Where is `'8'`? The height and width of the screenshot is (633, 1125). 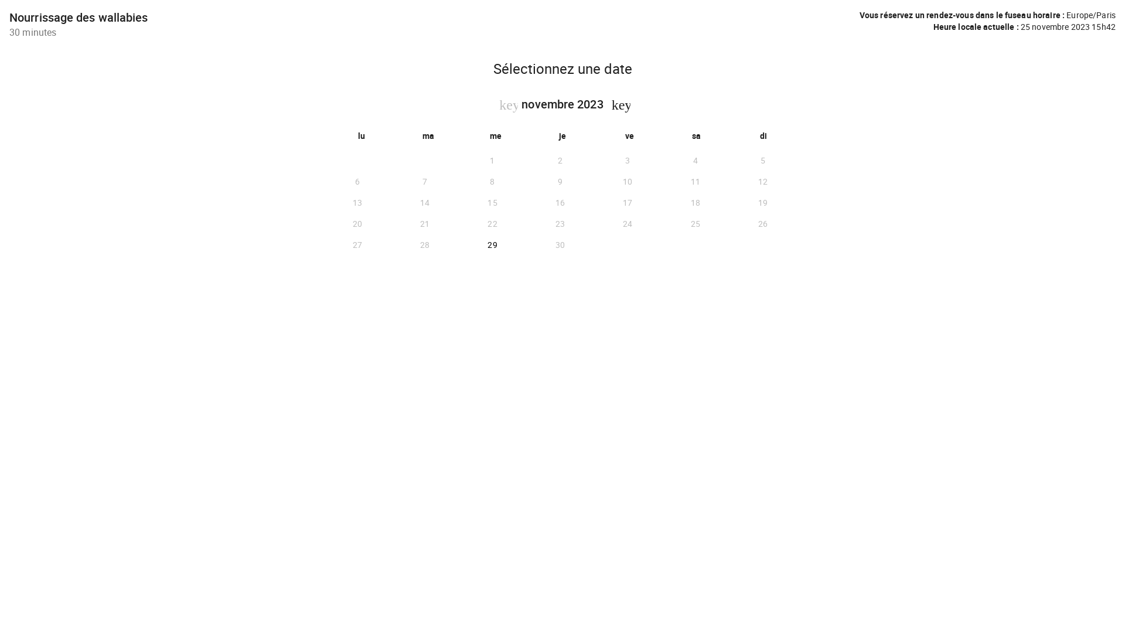
'8' is located at coordinates (492, 181).